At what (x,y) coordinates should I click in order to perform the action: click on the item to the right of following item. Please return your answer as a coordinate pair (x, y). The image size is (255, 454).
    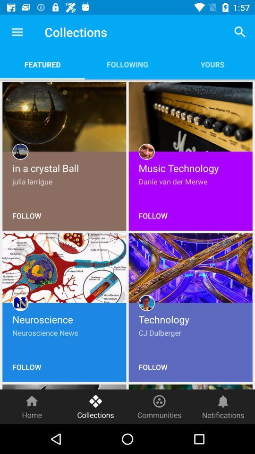
    Looking at the image, I should click on (212, 64).